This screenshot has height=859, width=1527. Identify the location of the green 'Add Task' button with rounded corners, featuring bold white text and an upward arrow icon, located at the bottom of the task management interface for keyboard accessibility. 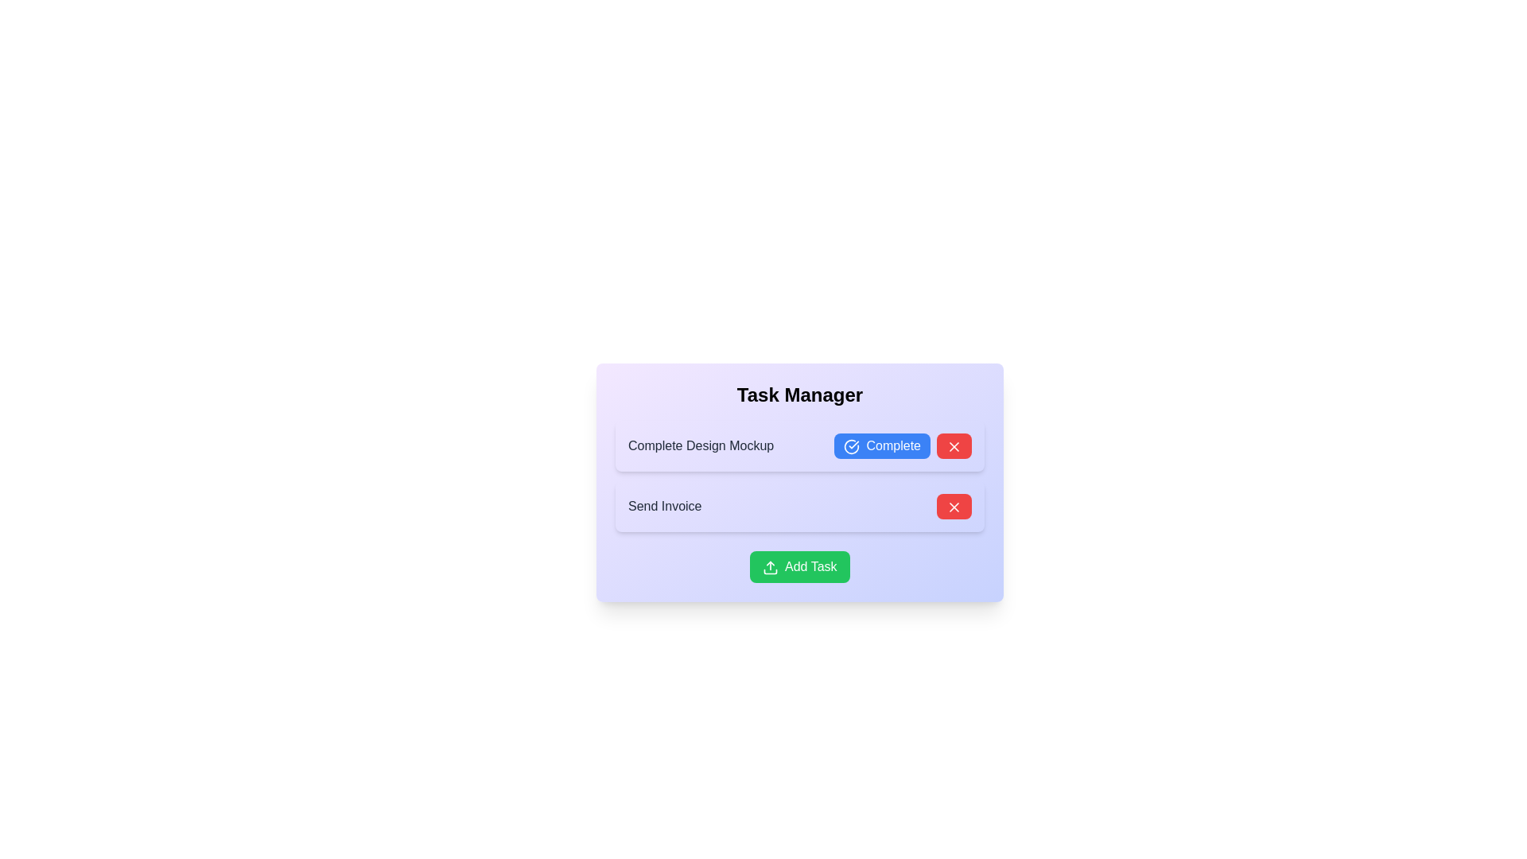
(800, 566).